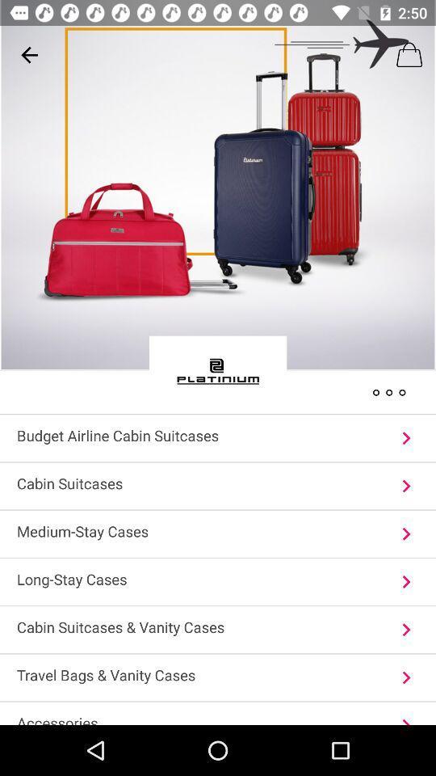  I want to click on next icon of mediumstay cases, so click(405, 533).